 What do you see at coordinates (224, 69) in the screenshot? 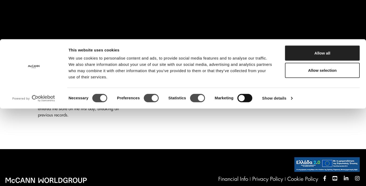
I see `'Marketing'` at bounding box center [224, 69].